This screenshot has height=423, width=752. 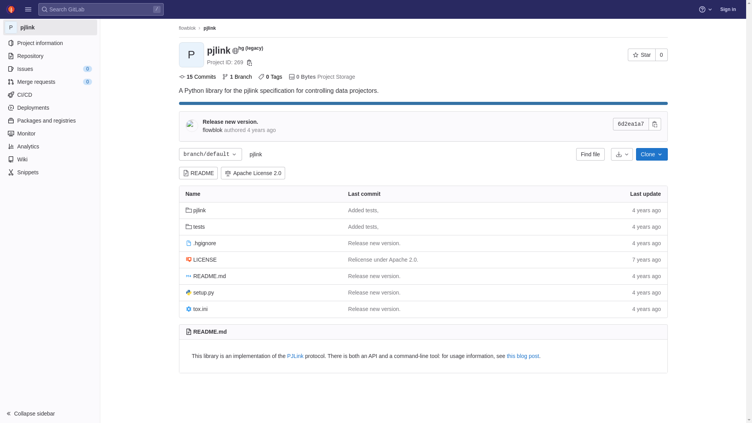 What do you see at coordinates (49, 94) in the screenshot?
I see `'CI/CD'` at bounding box center [49, 94].